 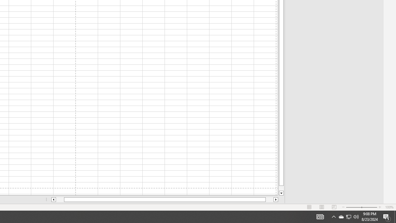 I want to click on 'Zoom', so click(x=361, y=207).